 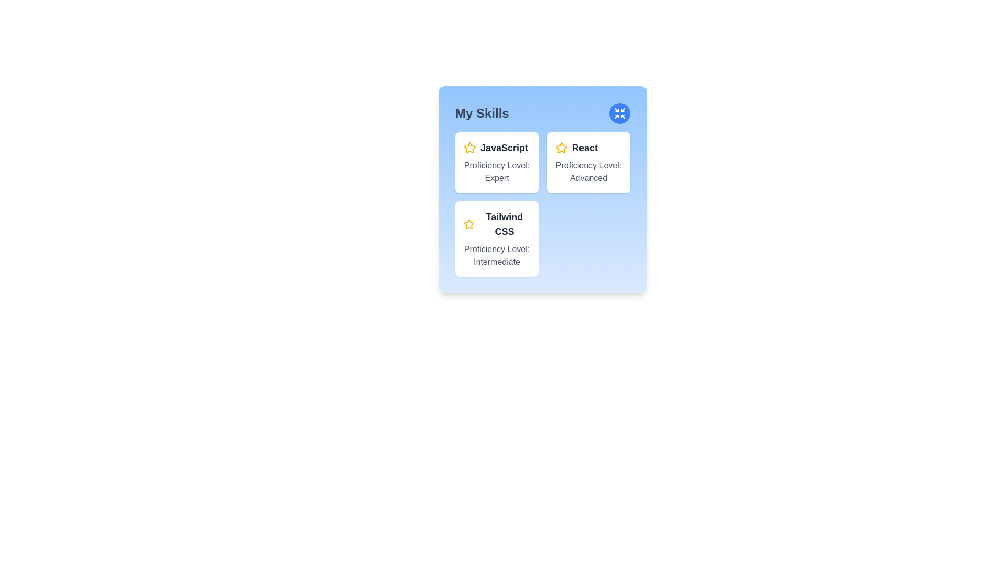 I want to click on the visual emphasis of the star icon representing the recognition of the skill 'Tailwind CSS' located at the top-left corner of the skill card, so click(x=468, y=223).